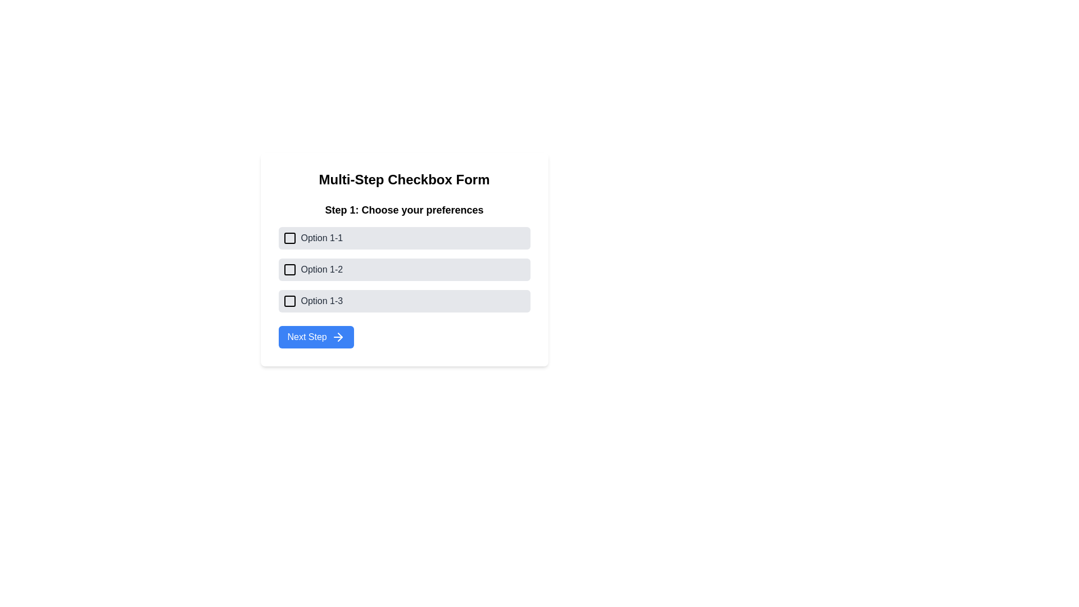 Image resolution: width=1079 pixels, height=607 pixels. I want to click on the square-shaped checkbox before the text label 'Option 1-3', so click(289, 301).